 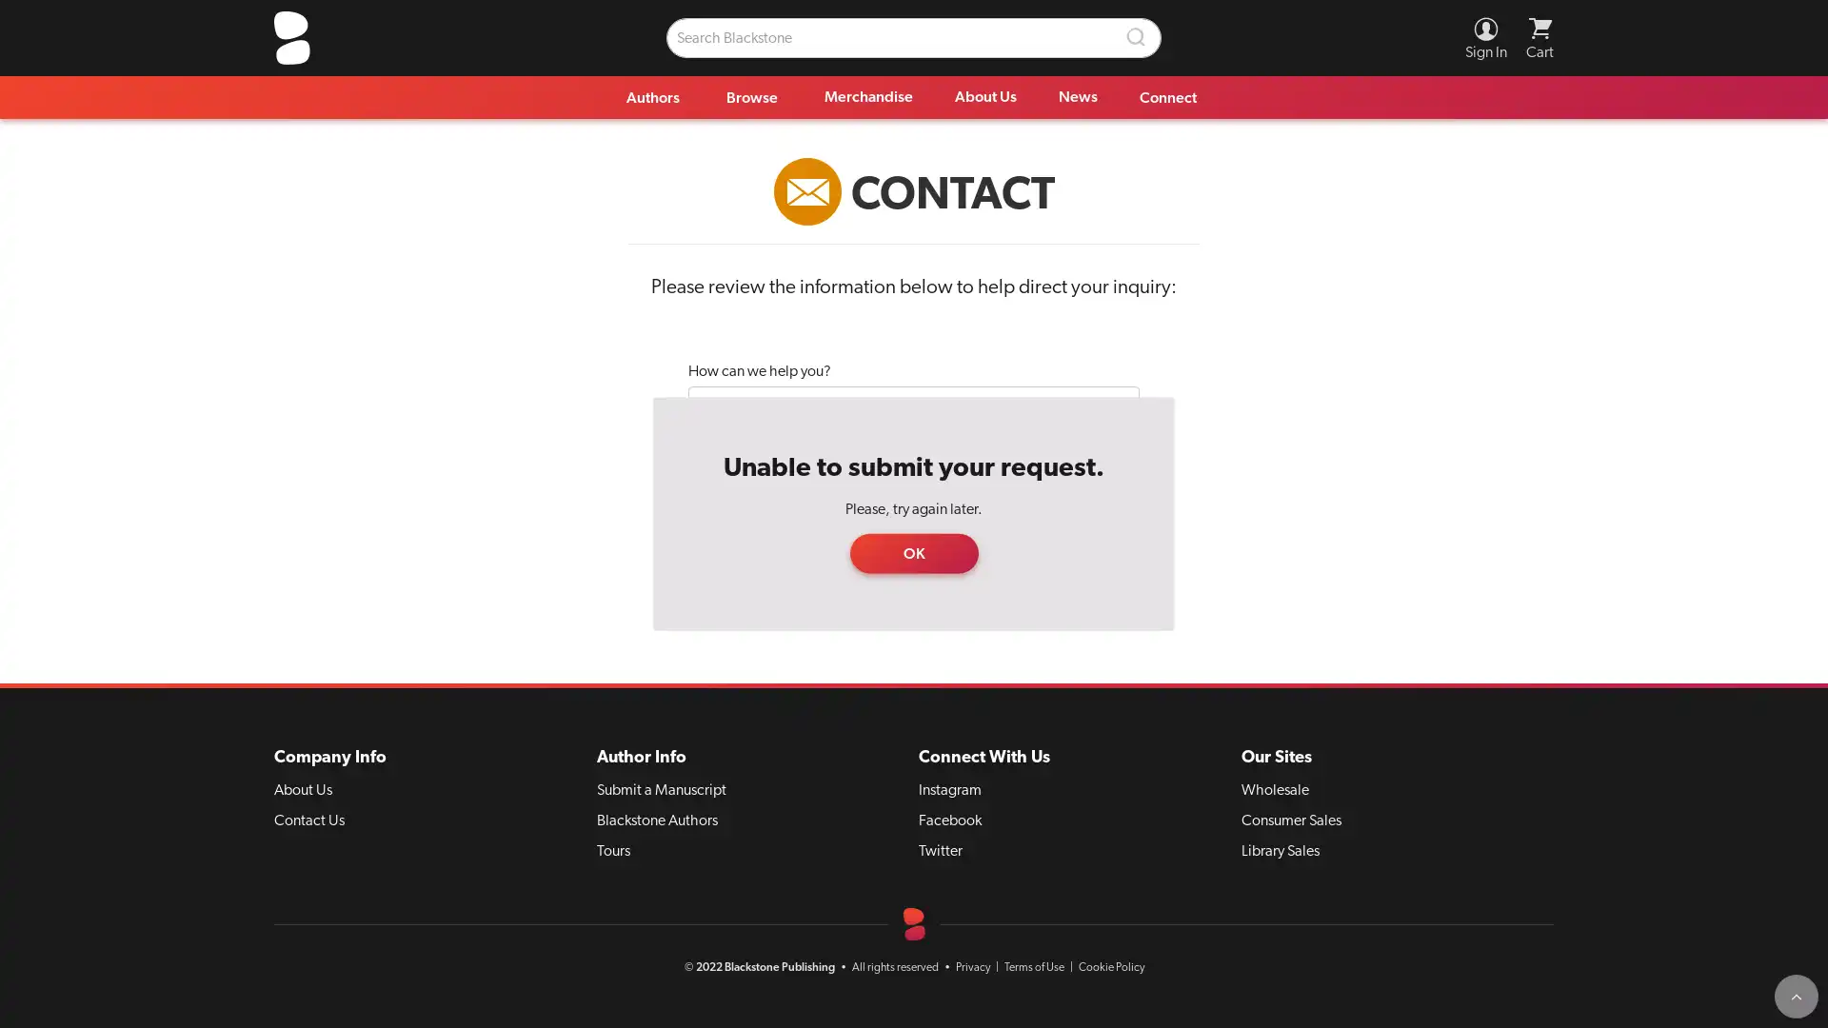 What do you see at coordinates (912, 553) in the screenshot?
I see `OK` at bounding box center [912, 553].